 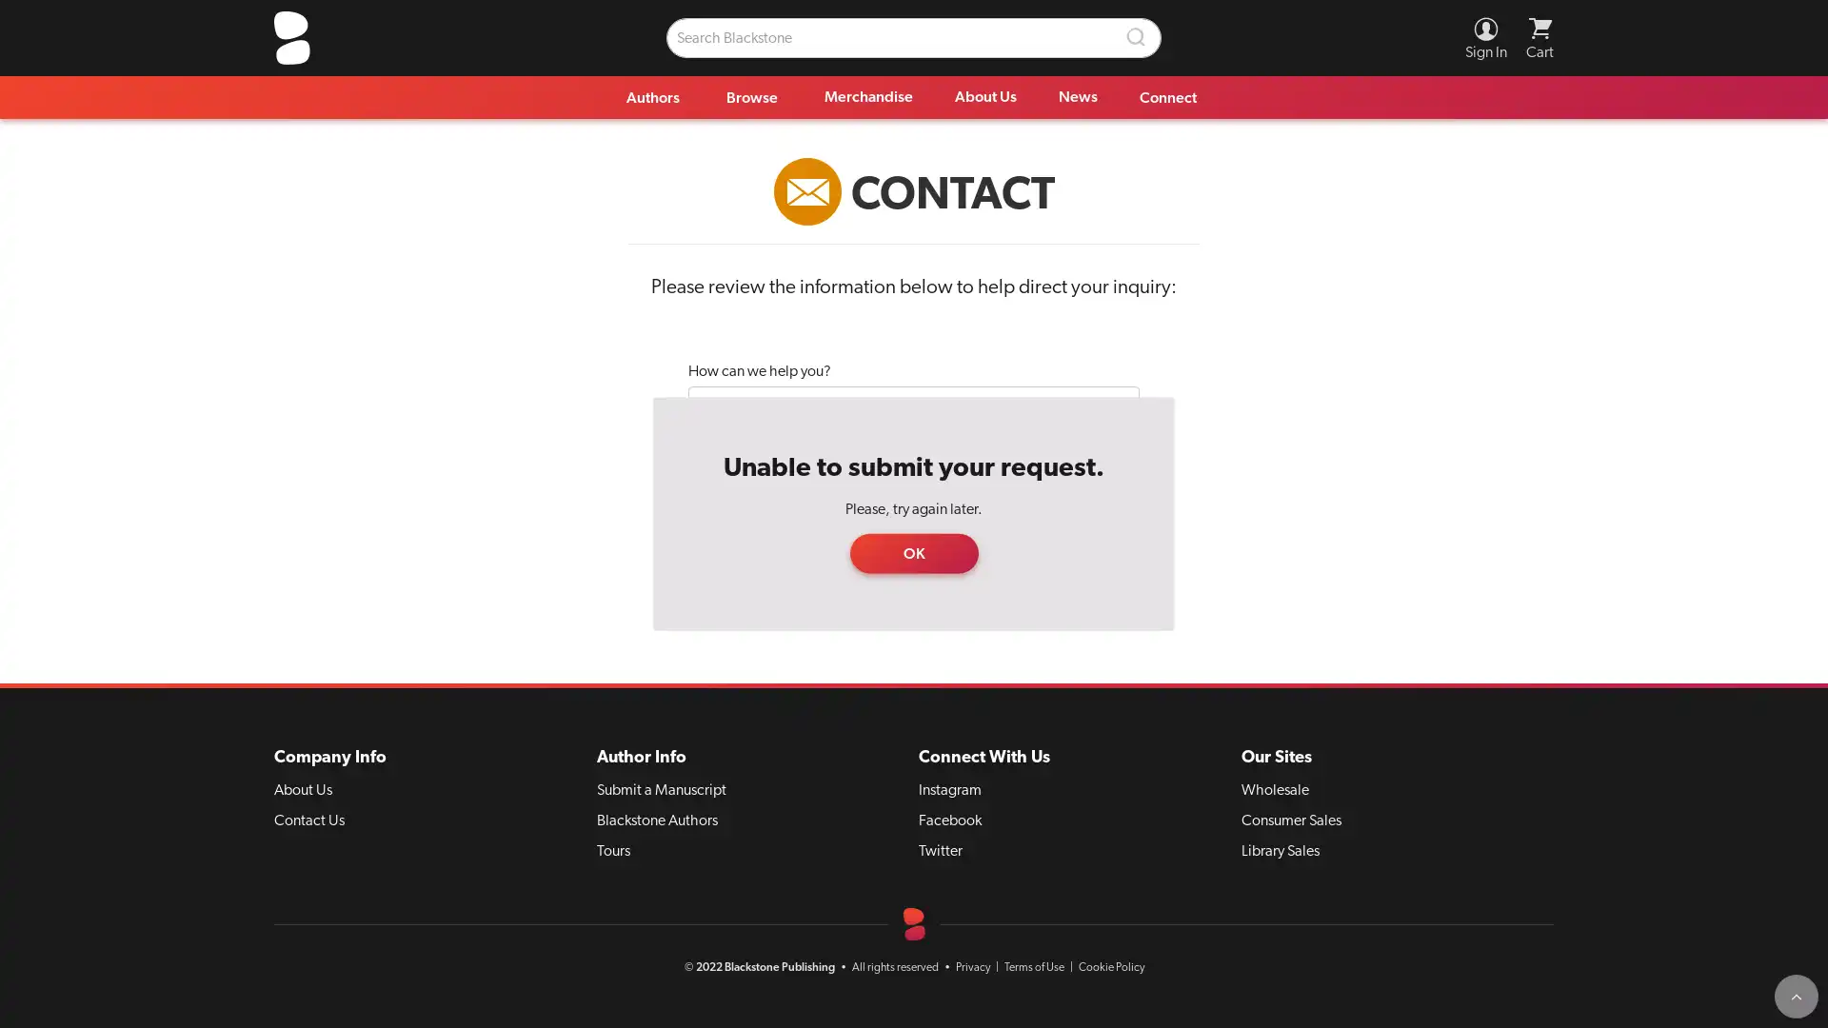 What do you see at coordinates (912, 553) in the screenshot?
I see `OK` at bounding box center [912, 553].